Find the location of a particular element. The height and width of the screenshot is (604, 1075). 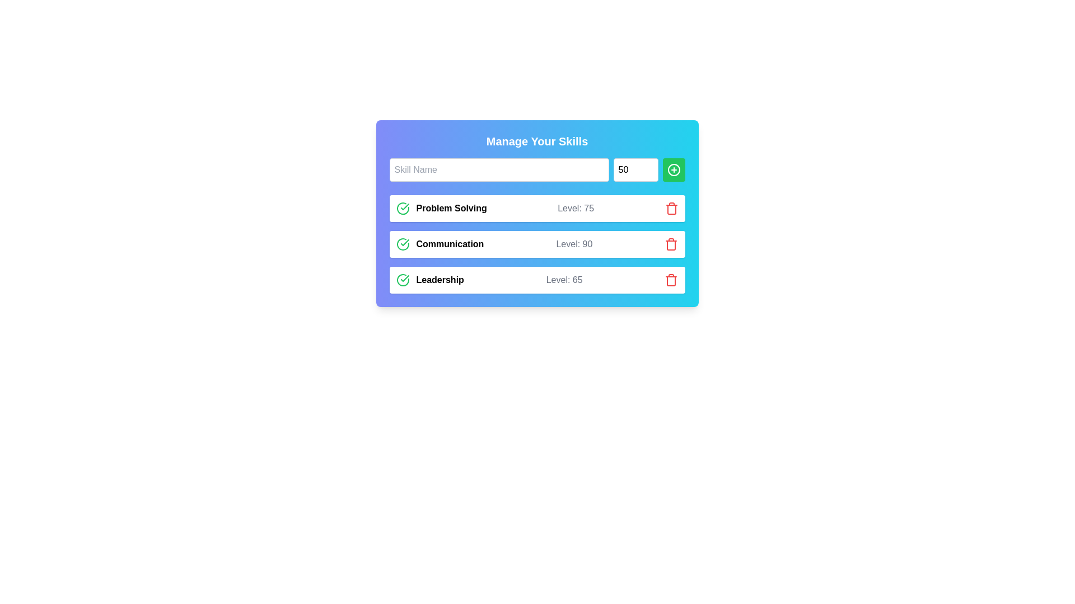

the vibrant green button with rounded corners and a plus icon in the top-right corner of the form is located at coordinates (673, 170).